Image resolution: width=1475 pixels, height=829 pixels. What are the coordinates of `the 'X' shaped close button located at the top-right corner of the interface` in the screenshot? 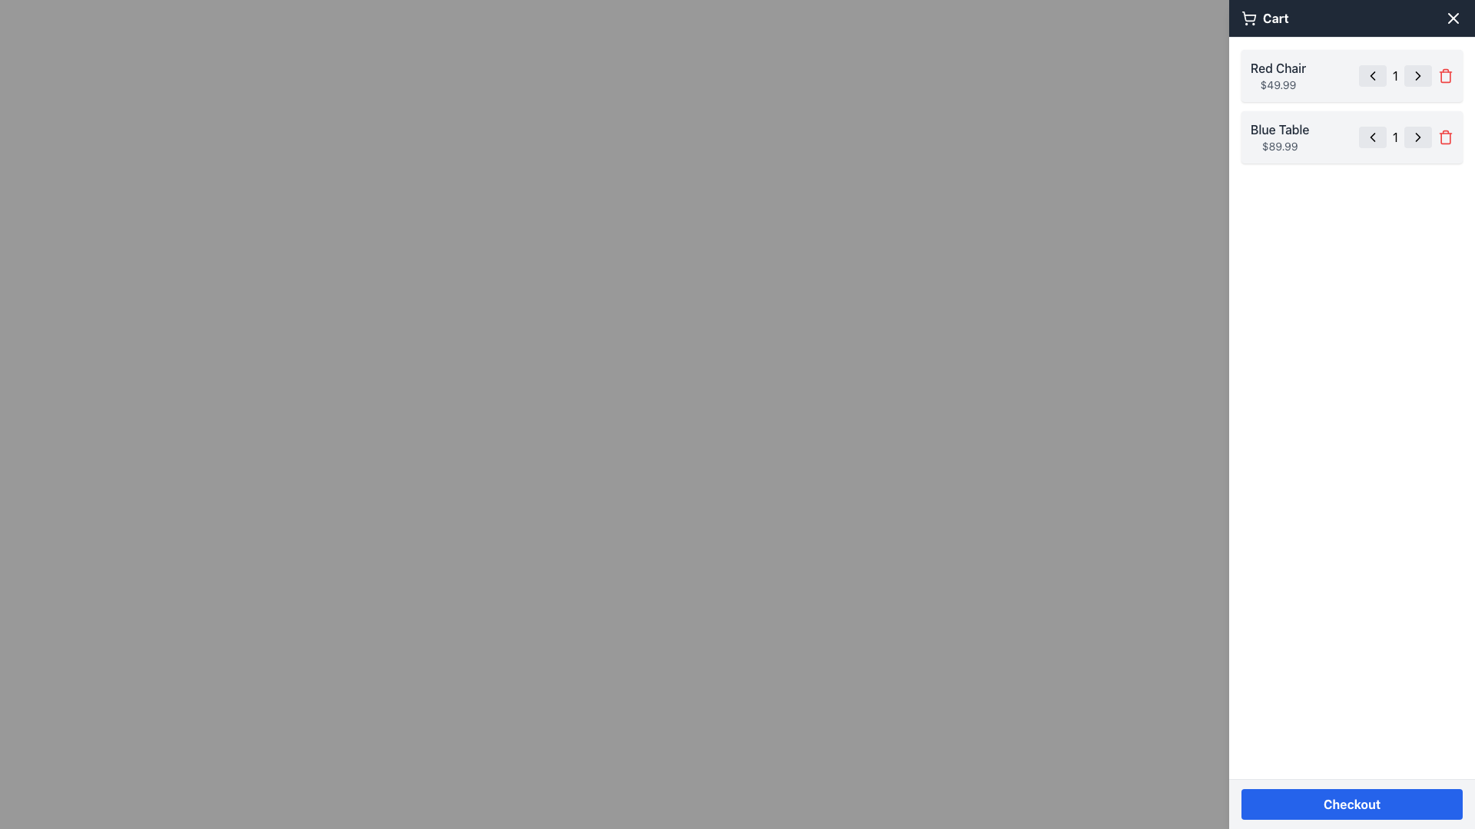 It's located at (1452, 18).